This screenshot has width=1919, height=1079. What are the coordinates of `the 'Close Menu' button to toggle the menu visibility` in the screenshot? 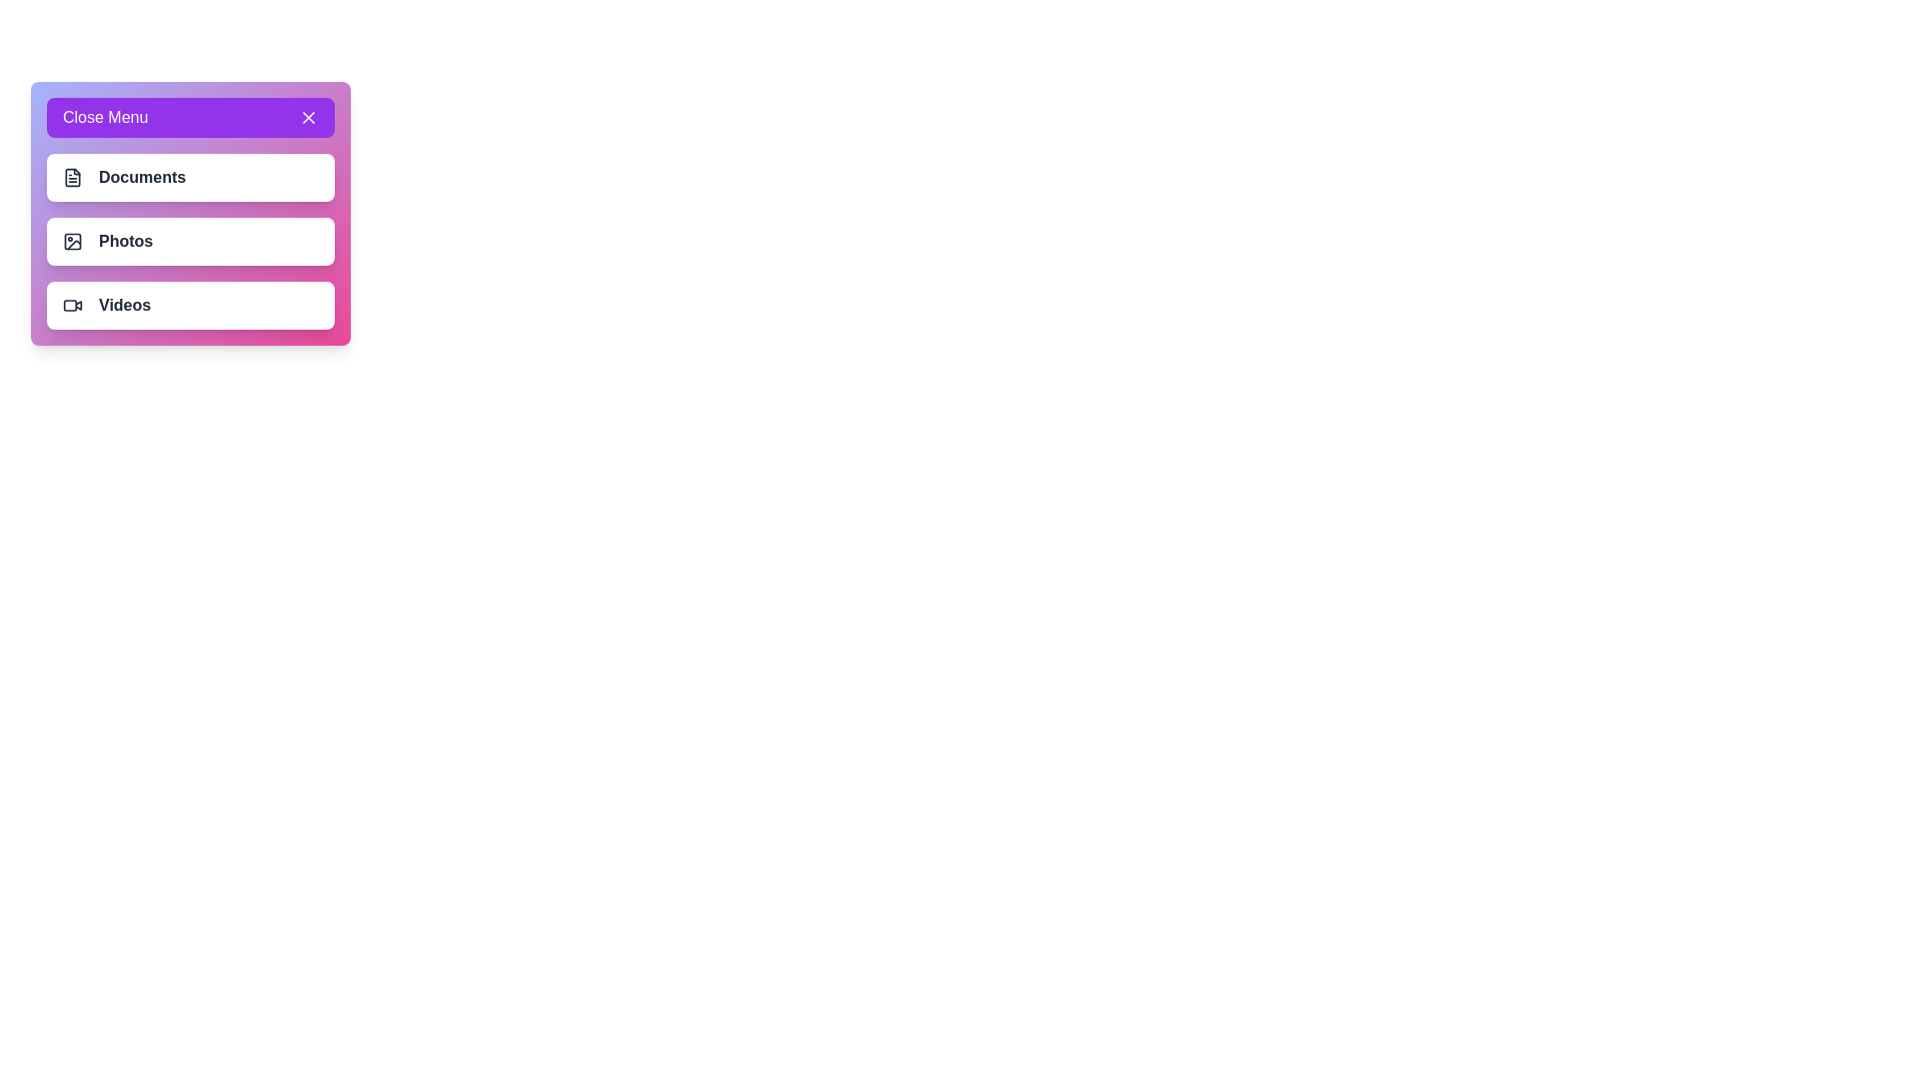 It's located at (191, 118).